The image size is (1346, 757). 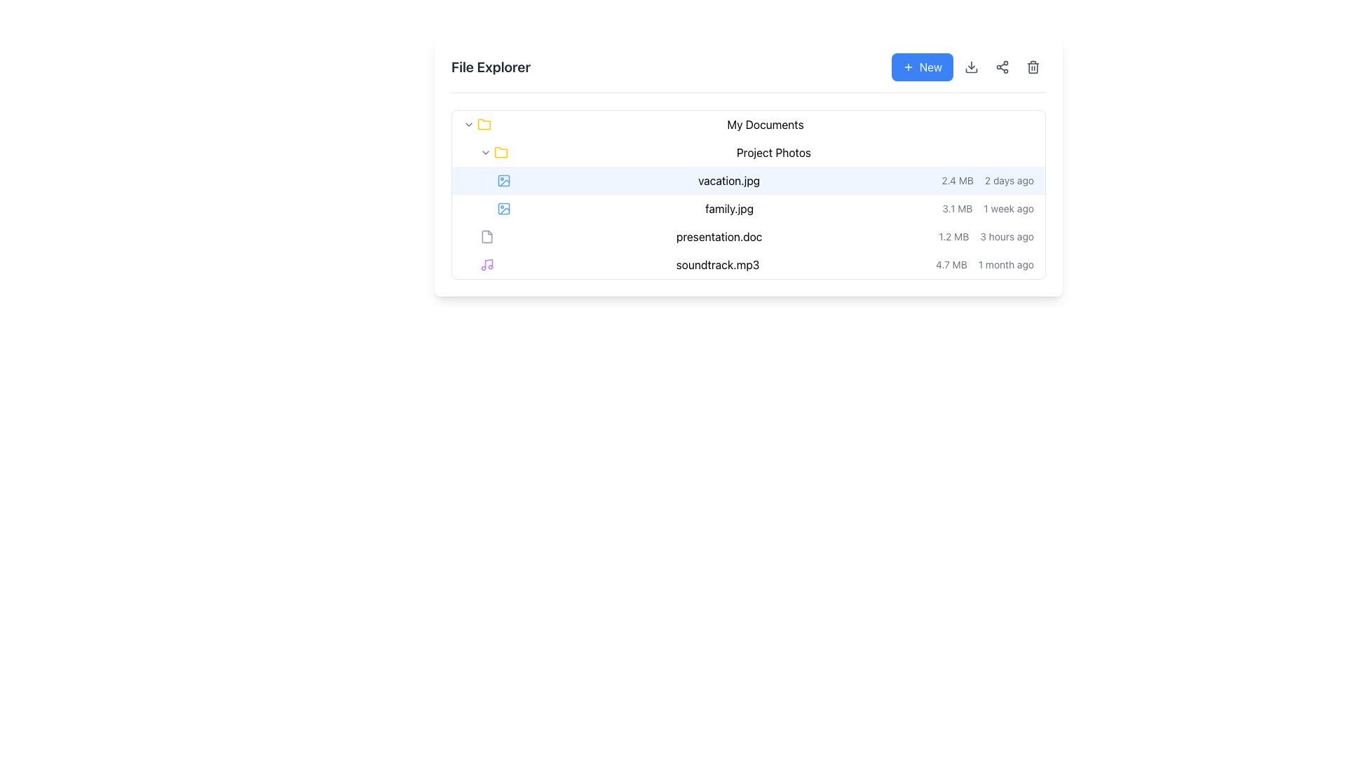 I want to click on the compact blue bordered square icon with a diagonal line, located to the left of the 'family.jpg' file entry in the row, so click(x=504, y=208).